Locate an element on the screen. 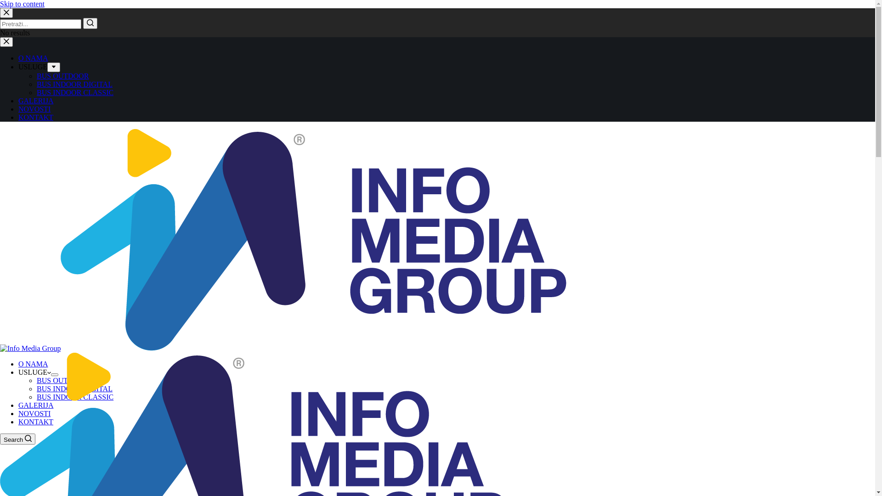 The height and width of the screenshot is (496, 882). 'BUS INDOOR DIGITAL' is located at coordinates (74, 84).